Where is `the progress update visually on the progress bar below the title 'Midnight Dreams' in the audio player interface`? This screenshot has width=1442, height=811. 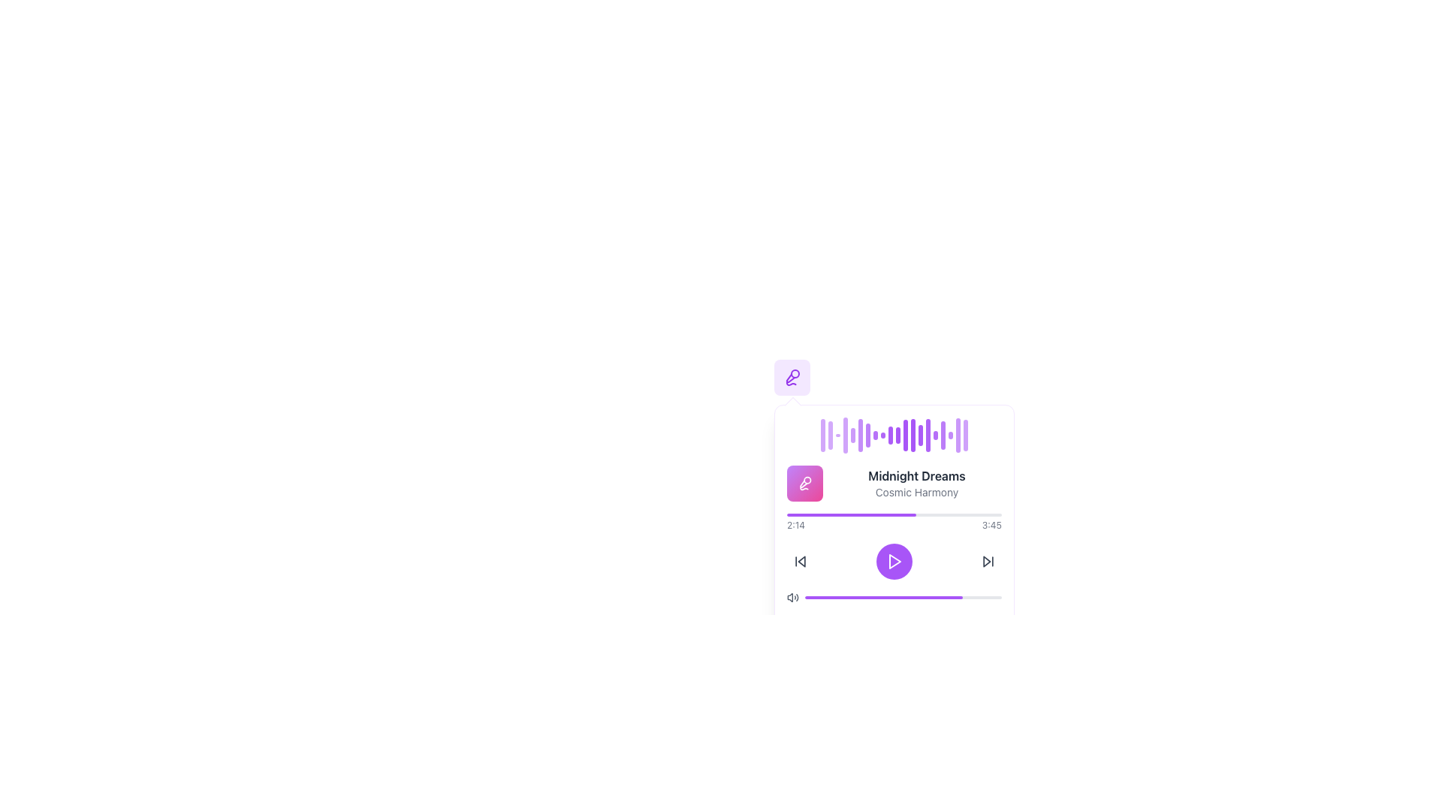
the progress update visually on the progress bar below the title 'Midnight Dreams' in the audio player interface is located at coordinates (894, 514).